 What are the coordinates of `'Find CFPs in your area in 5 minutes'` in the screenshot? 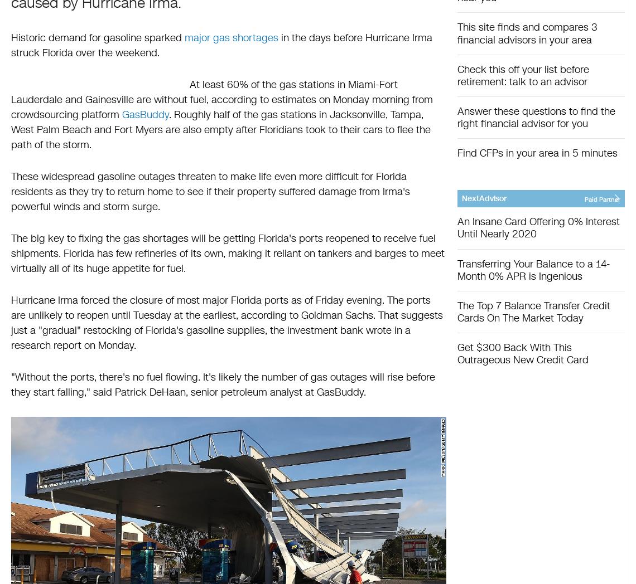 It's located at (537, 152).